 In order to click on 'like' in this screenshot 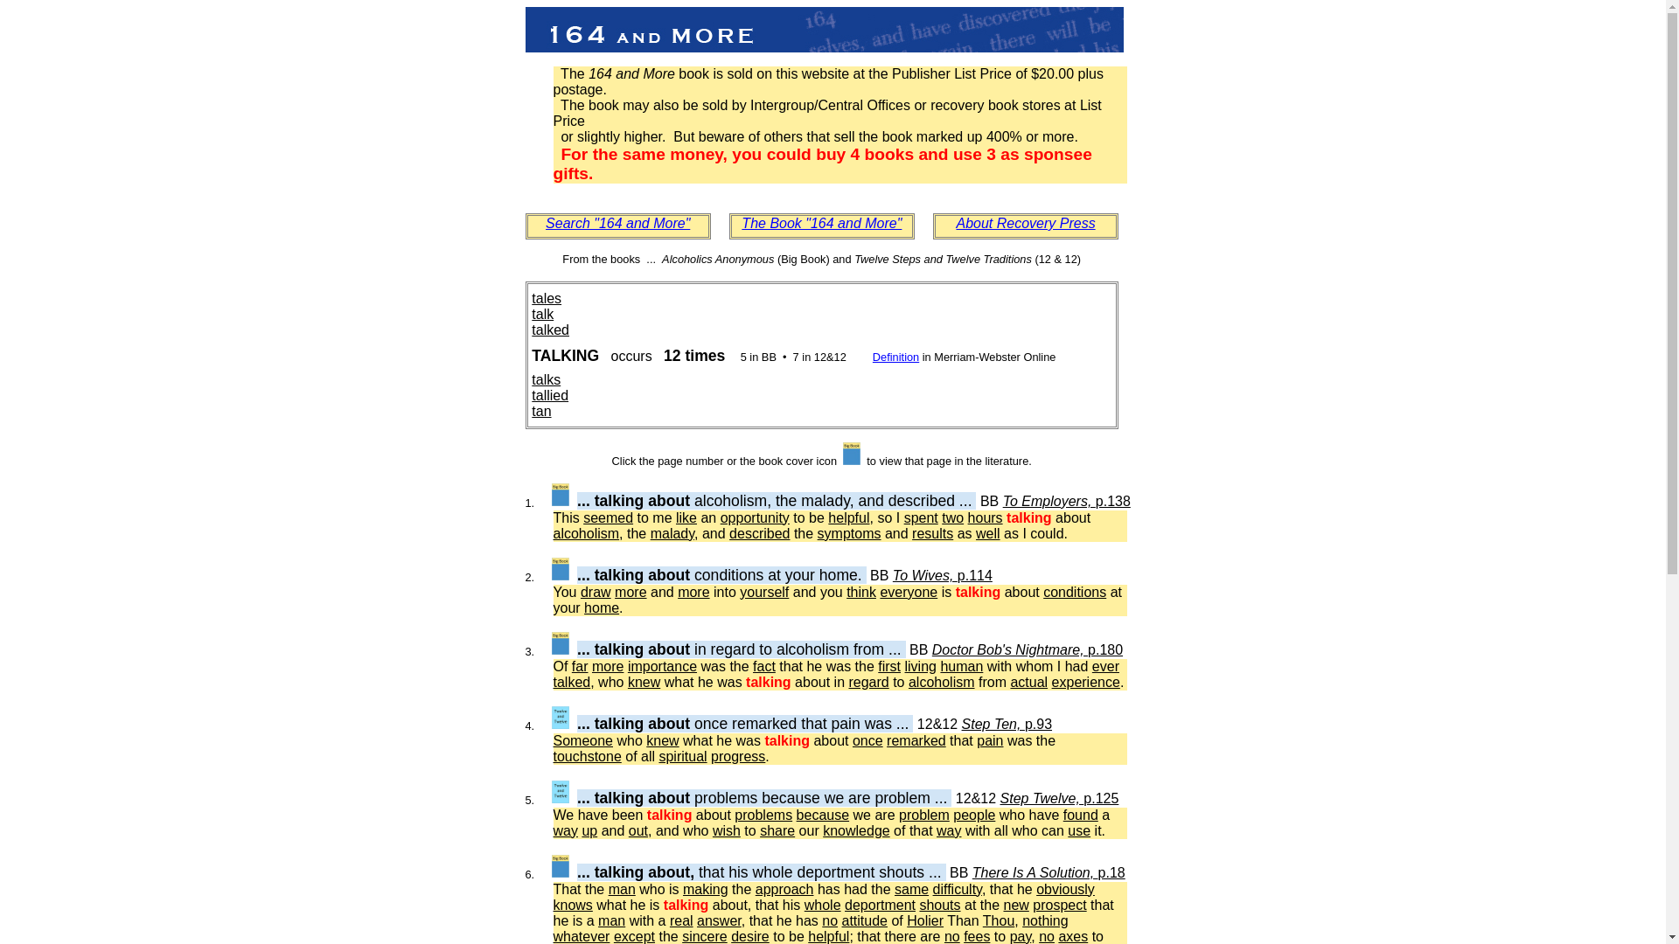, I will do `click(686, 517)`.